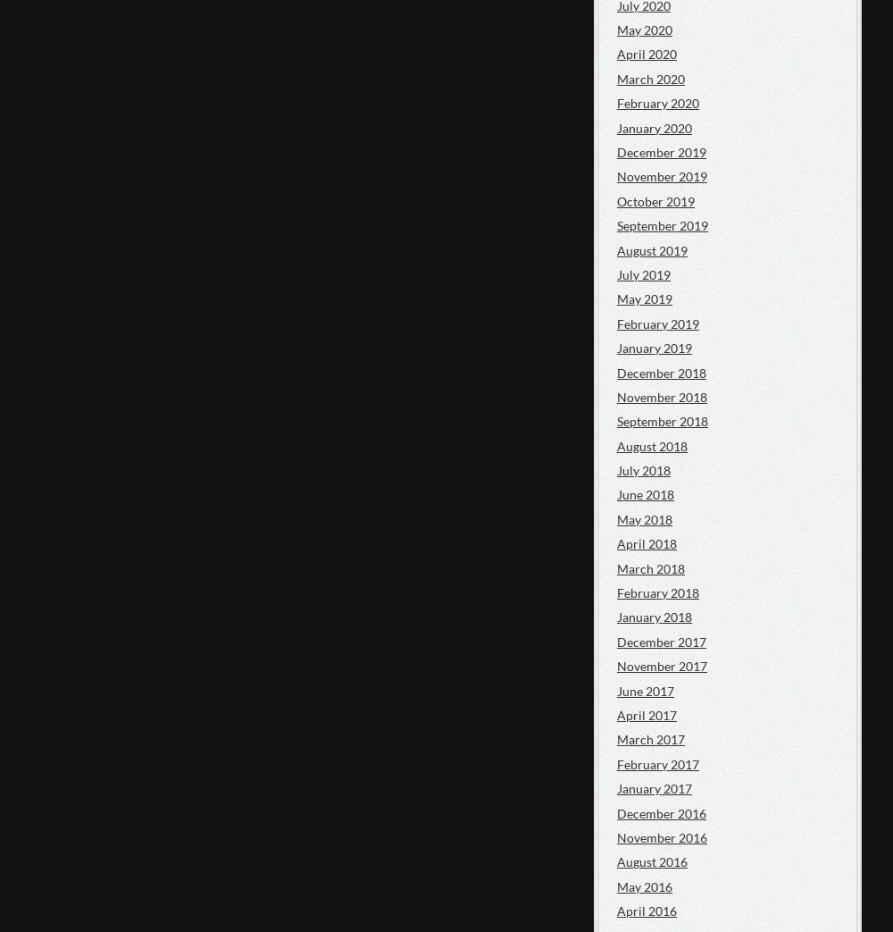 Image resolution: width=893 pixels, height=932 pixels. What do you see at coordinates (644, 298) in the screenshot?
I see `'May 2019'` at bounding box center [644, 298].